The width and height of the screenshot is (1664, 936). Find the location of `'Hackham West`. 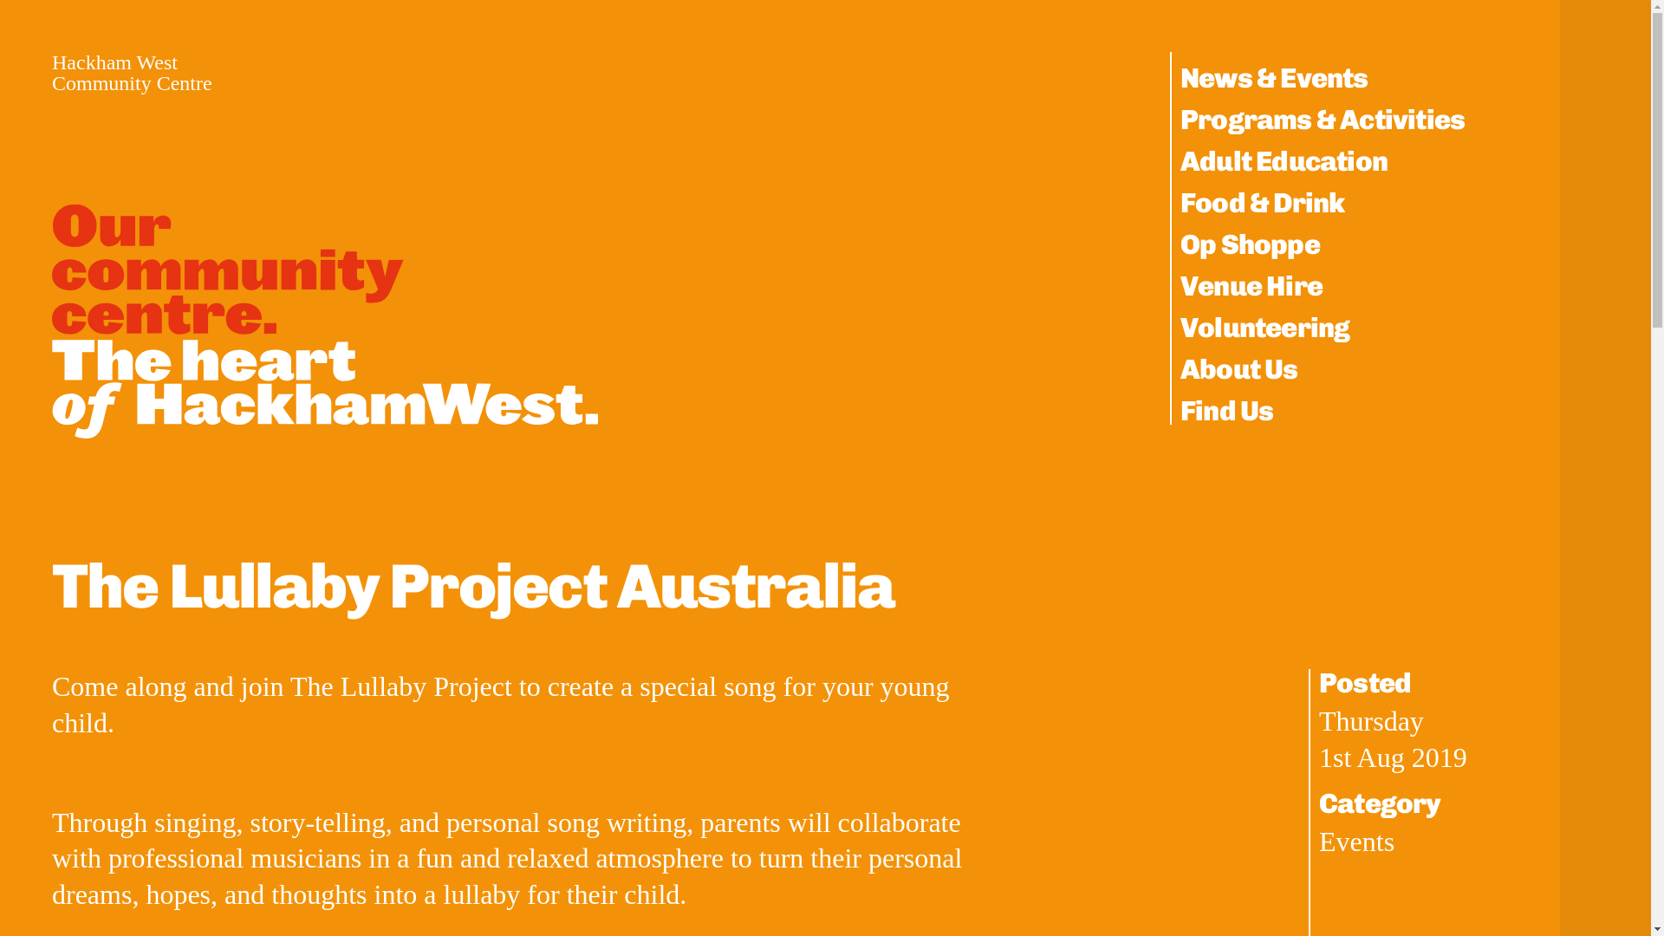

'Hackham West is located at coordinates (131, 72).